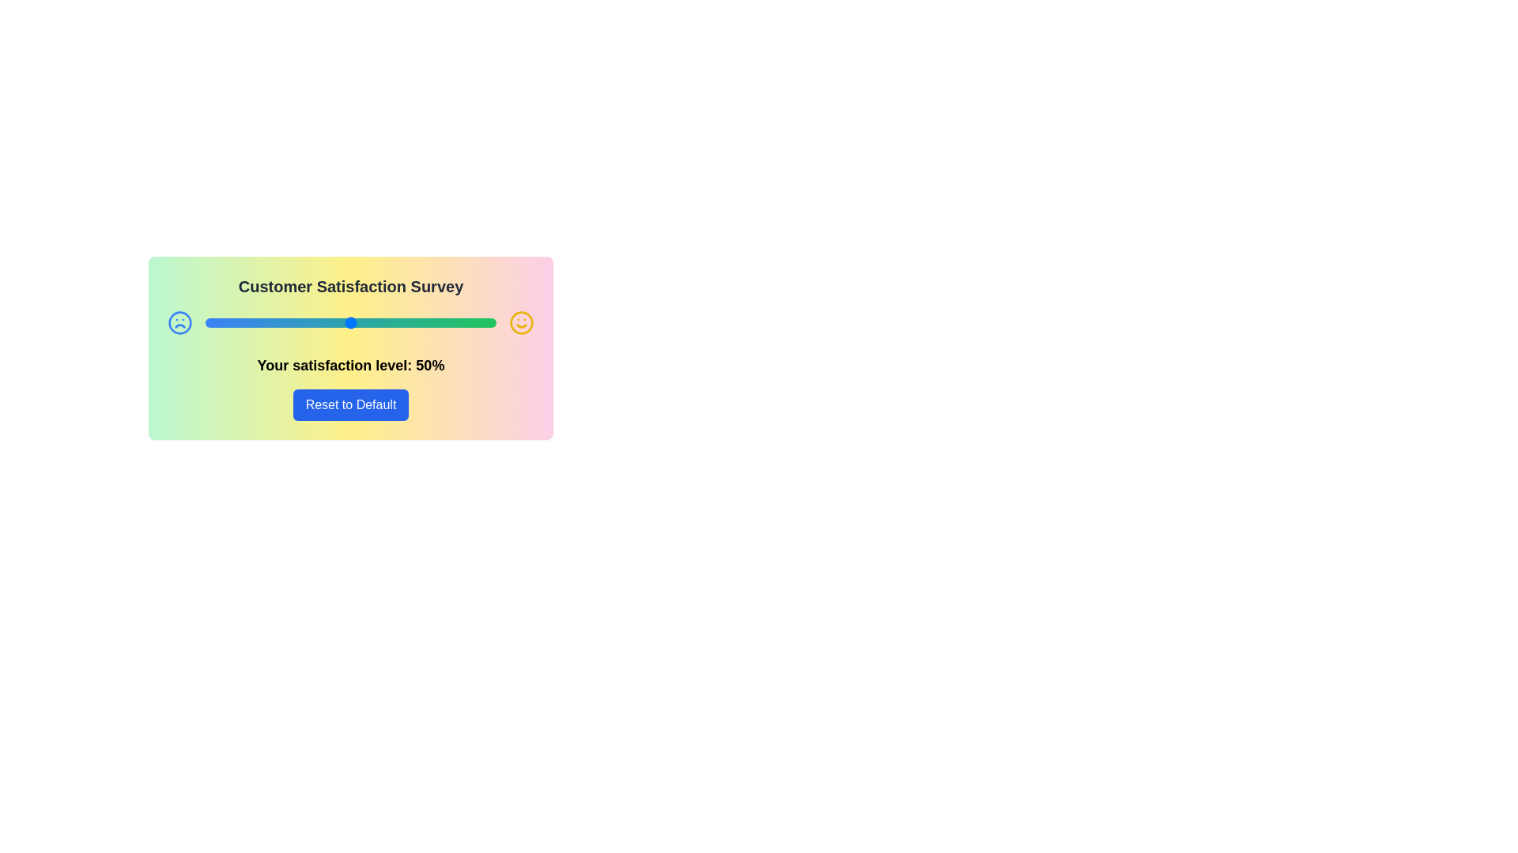 This screenshot has height=853, width=1518. Describe the element at coordinates (266, 321) in the screenshot. I see `the satisfaction slider to set the satisfaction level to 21` at that location.